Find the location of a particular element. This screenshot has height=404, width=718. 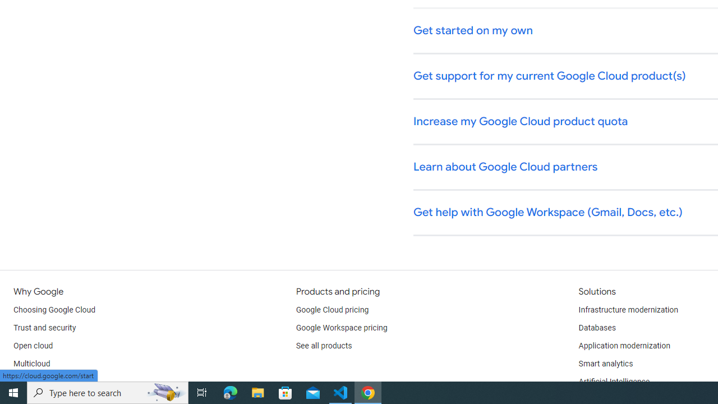

'Infrastructure modernization' is located at coordinates (628, 310).